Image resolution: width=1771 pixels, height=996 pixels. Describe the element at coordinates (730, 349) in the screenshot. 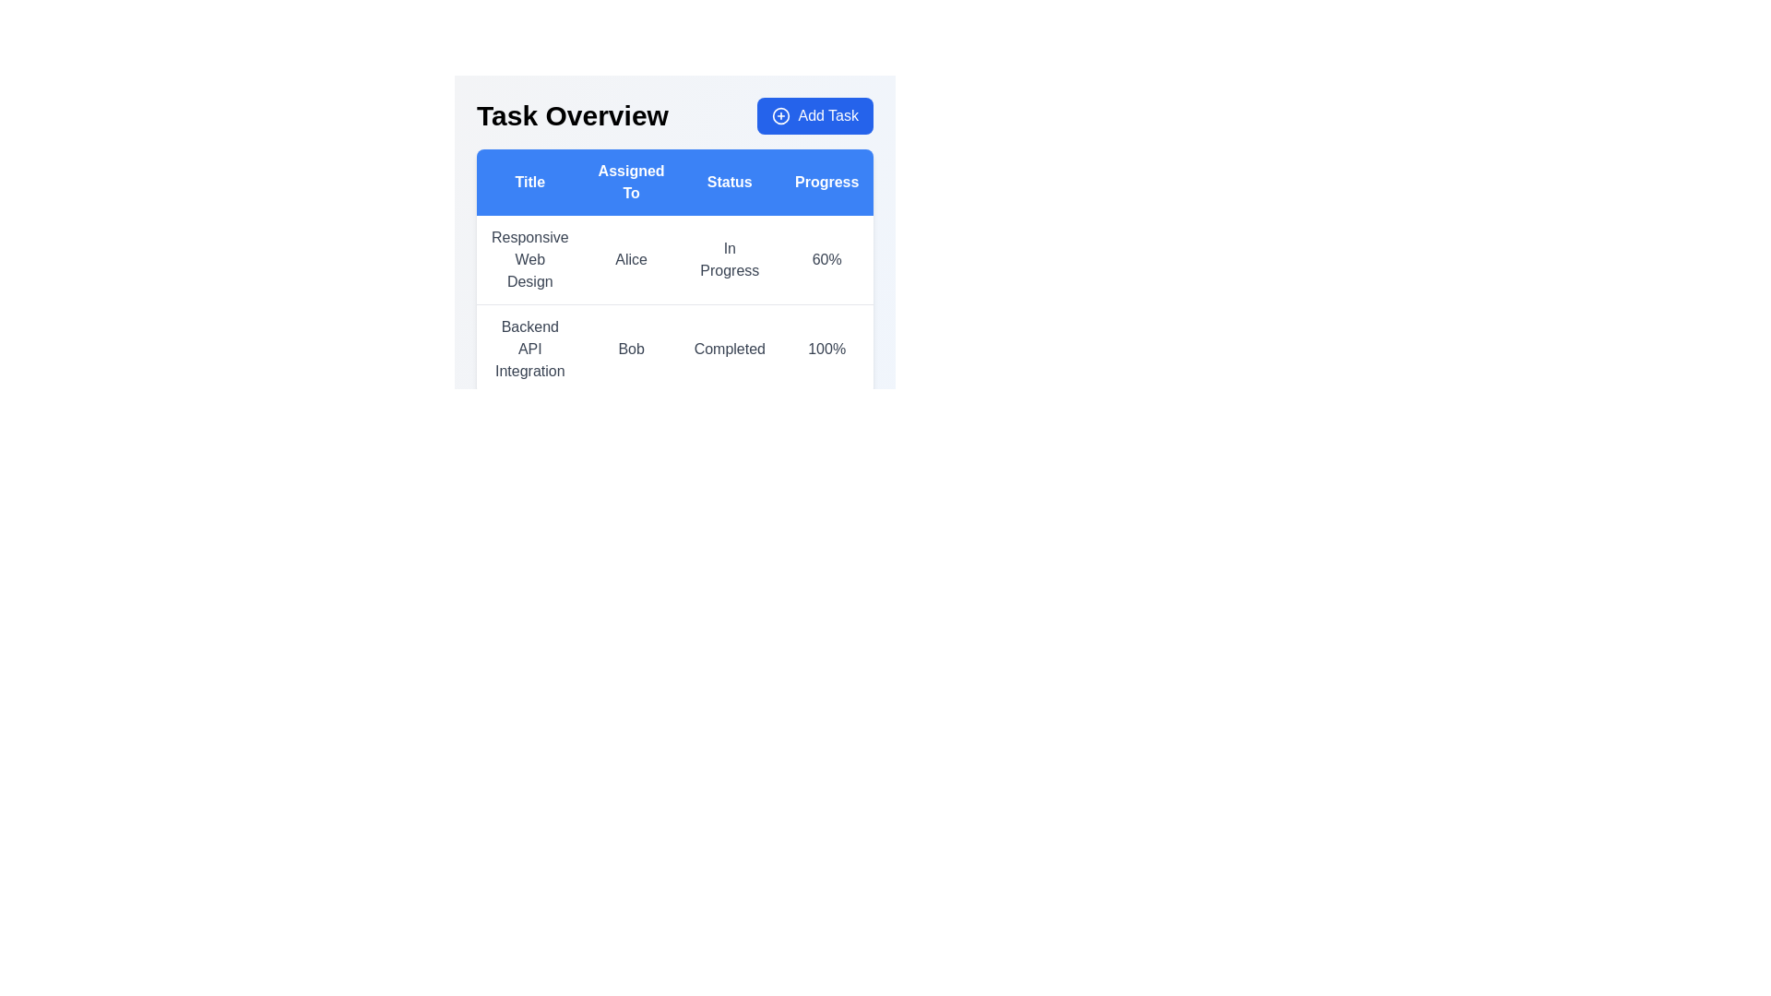

I see `the second row of the table displaying task details, which includes 'Backend API Integration', 'Bob', 'Completed', and '100%'` at that location.